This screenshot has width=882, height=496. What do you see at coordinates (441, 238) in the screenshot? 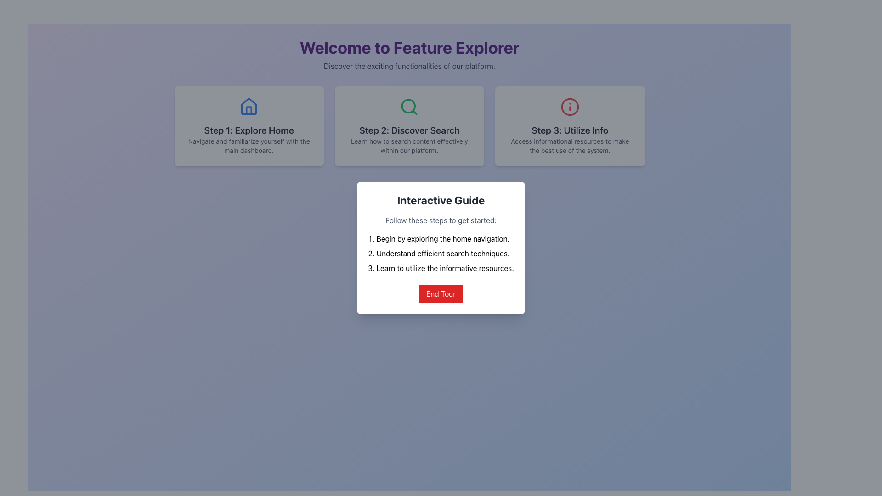
I see `the instructional text inviting the user to explore the home navigation within the 'Interactive Guide' dialog box` at bounding box center [441, 238].